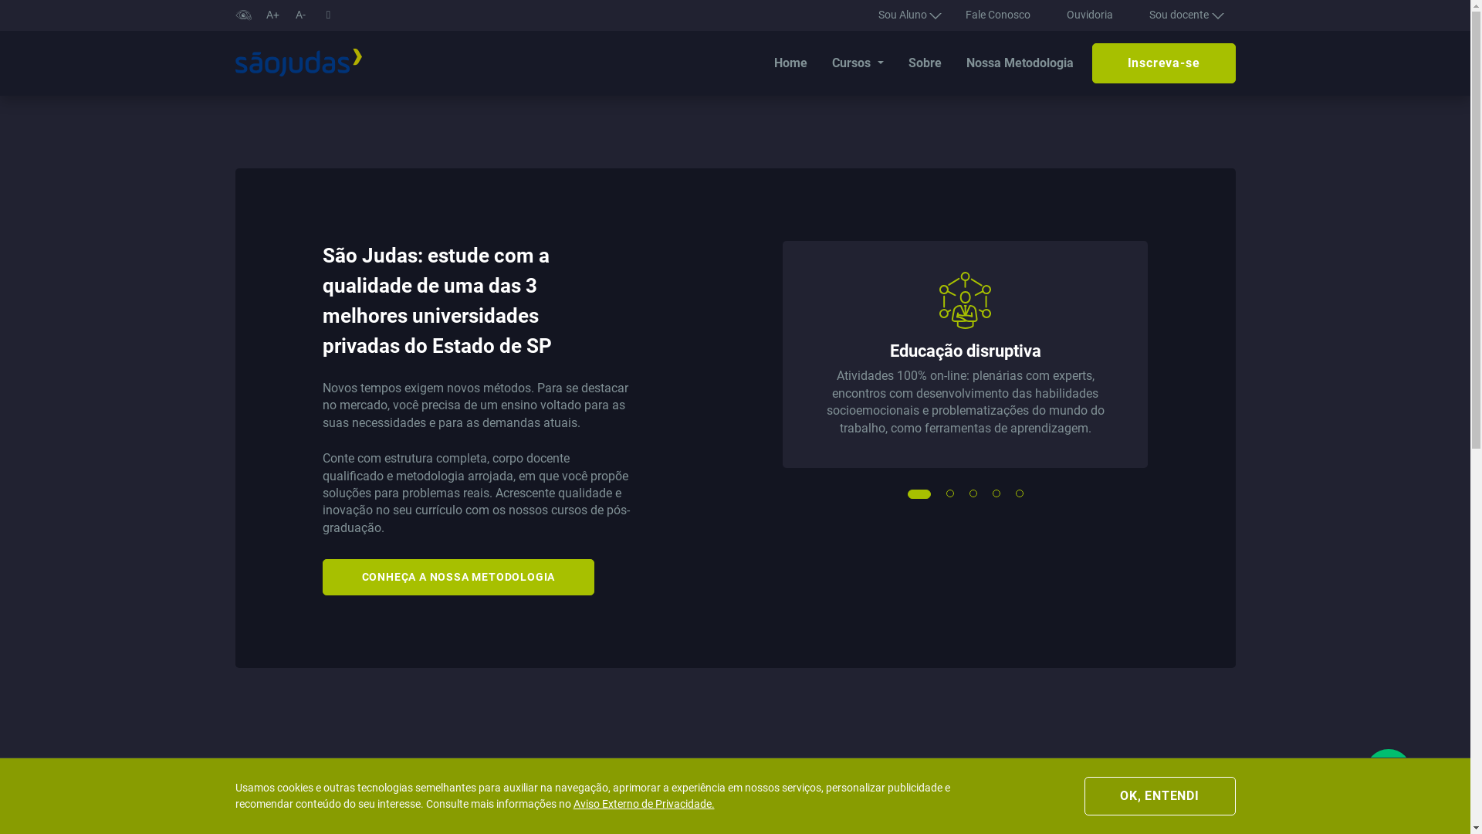  Describe the element at coordinates (856, 62) in the screenshot. I see `'Cursos'` at that location.